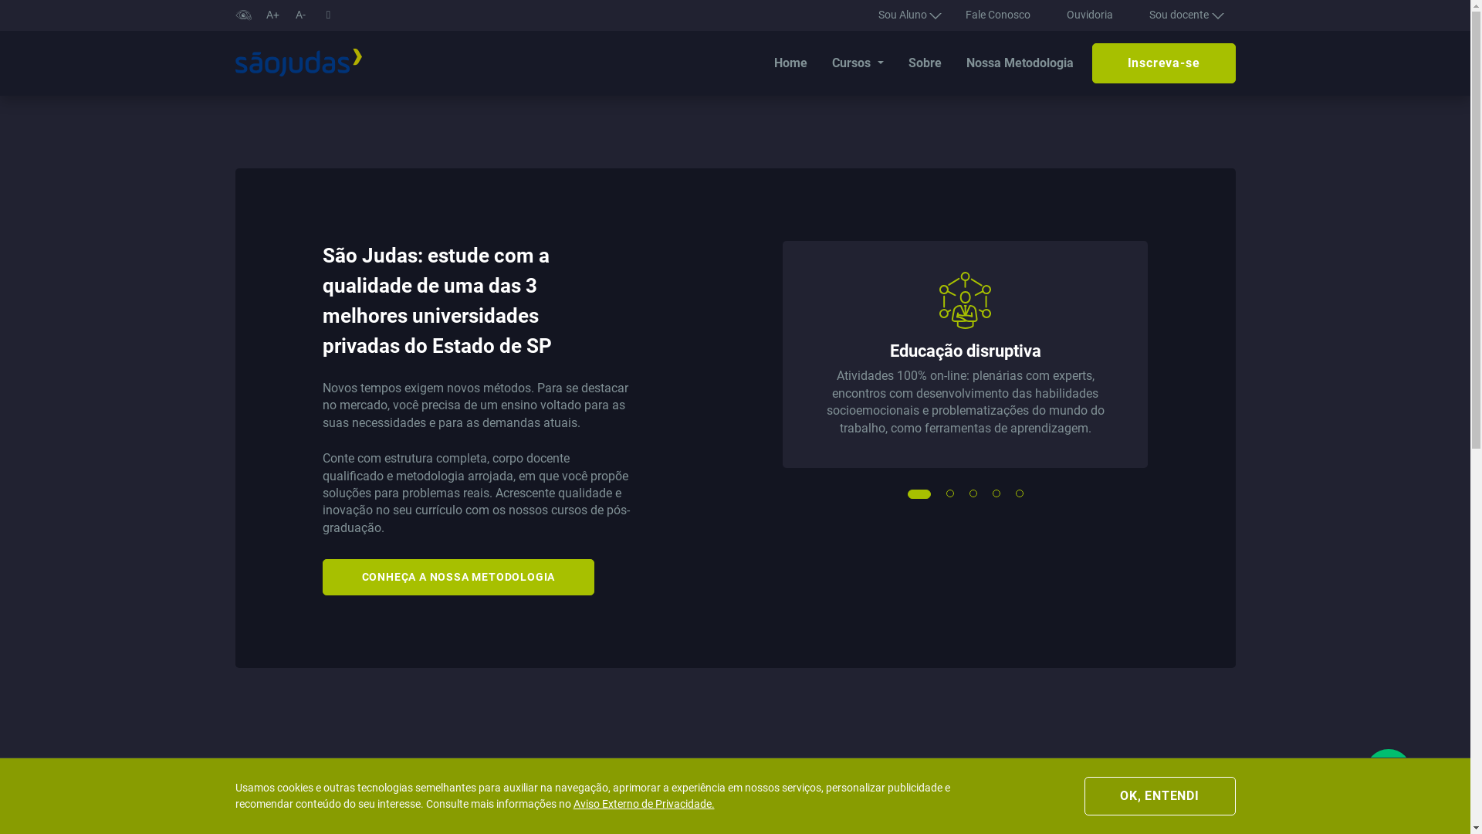  Describe the element at coordinates (856, 62) in the screenshot. I see `'Cursos'` at that location.